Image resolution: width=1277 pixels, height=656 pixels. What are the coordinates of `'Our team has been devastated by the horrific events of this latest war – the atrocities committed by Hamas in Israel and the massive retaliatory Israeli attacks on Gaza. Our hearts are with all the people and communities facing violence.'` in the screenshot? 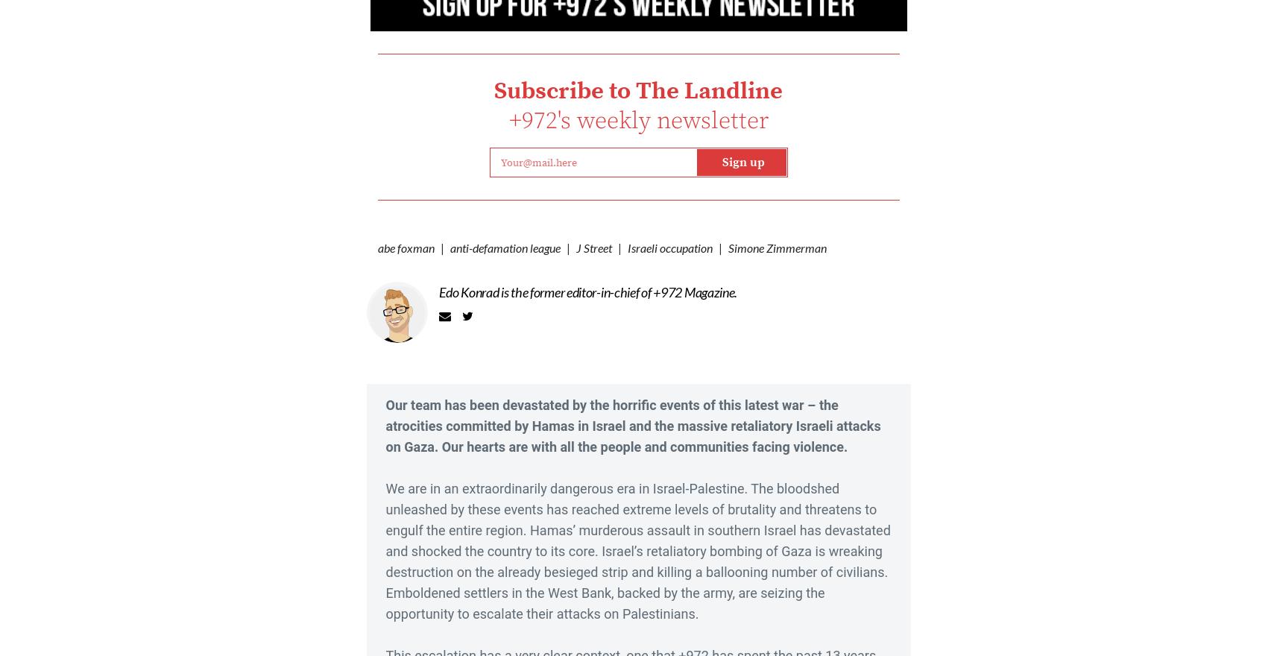 It's located at (385, 425).